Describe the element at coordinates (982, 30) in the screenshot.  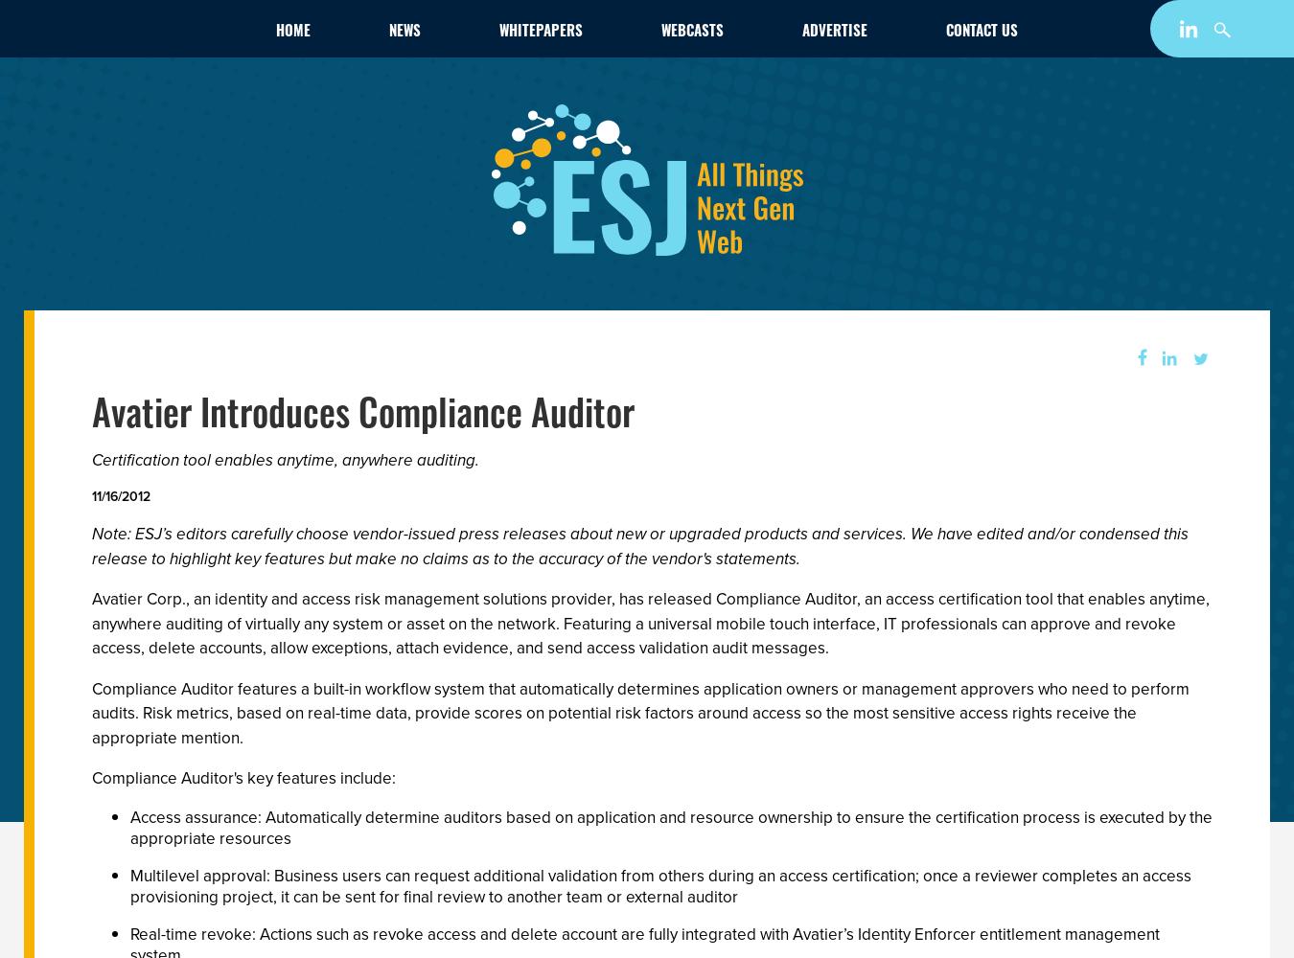
I see `'Contact Us'` at that location.